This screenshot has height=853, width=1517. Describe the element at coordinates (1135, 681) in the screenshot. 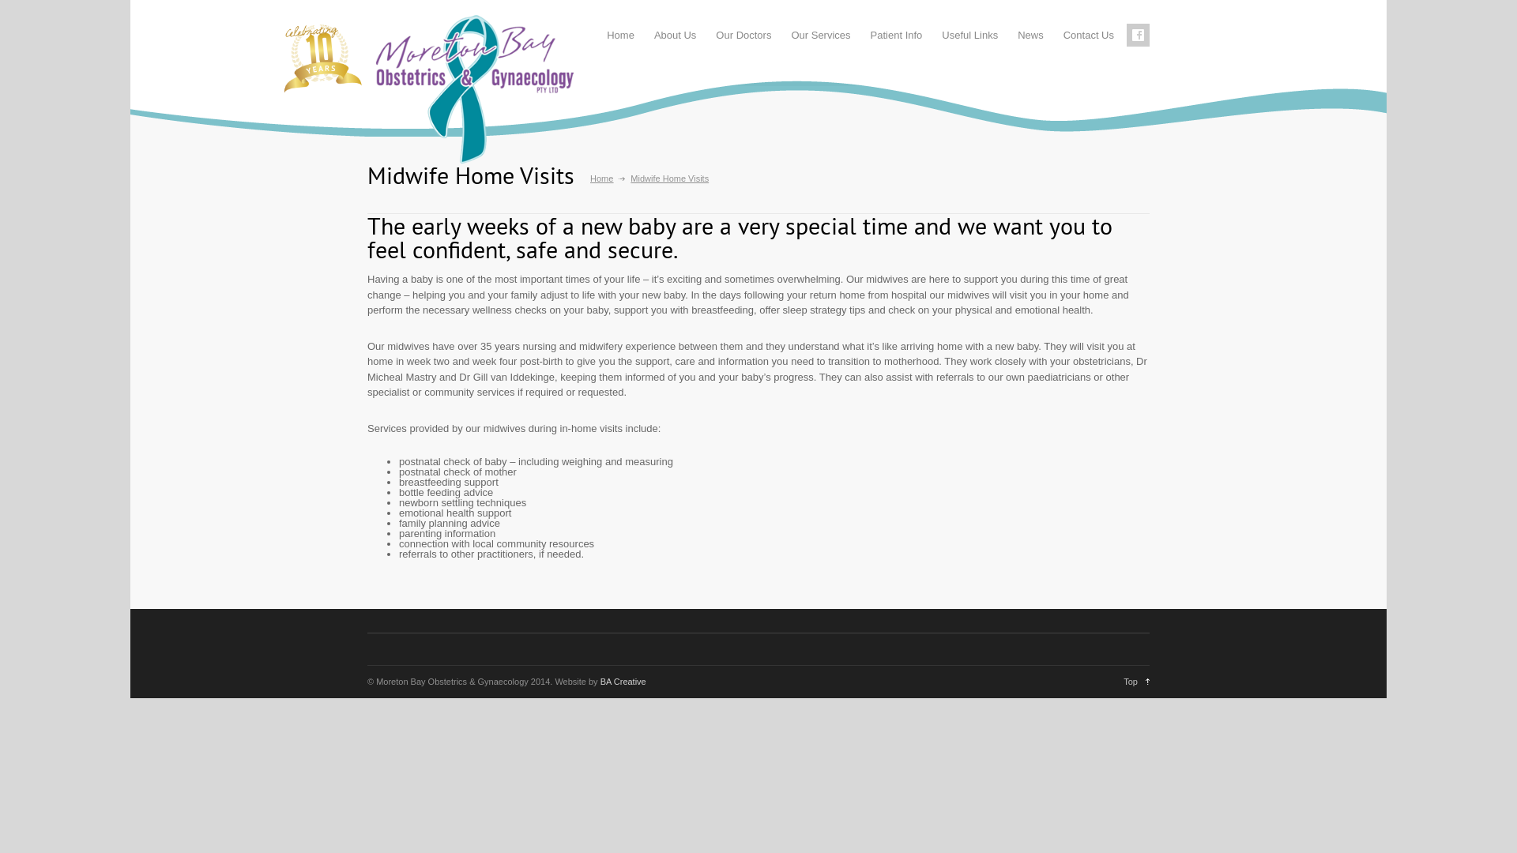

I see `'Top'` at that location.